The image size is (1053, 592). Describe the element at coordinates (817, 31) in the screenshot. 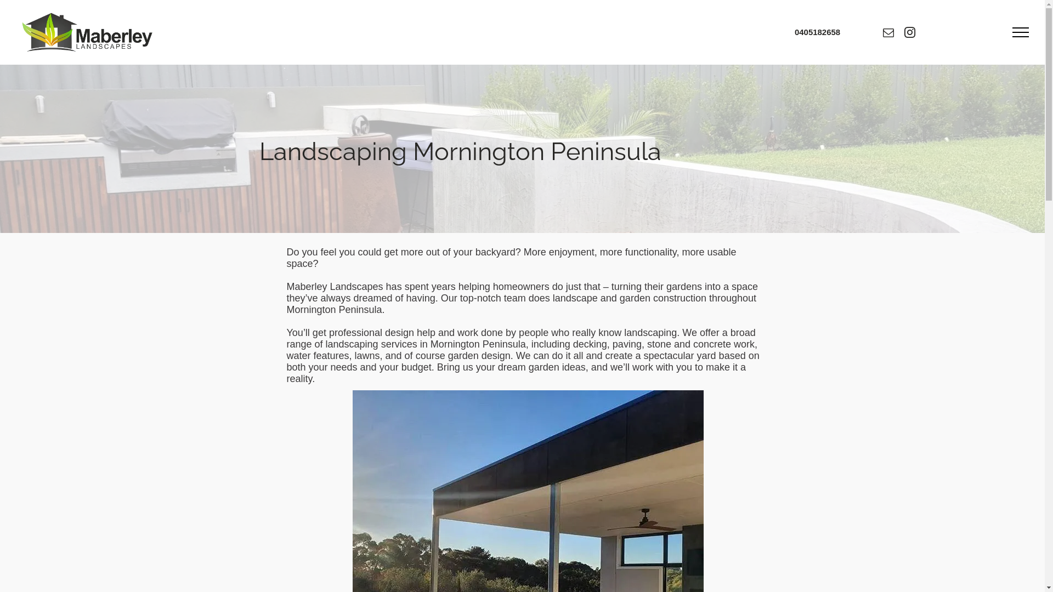

I see `'0405182658'` at that location.